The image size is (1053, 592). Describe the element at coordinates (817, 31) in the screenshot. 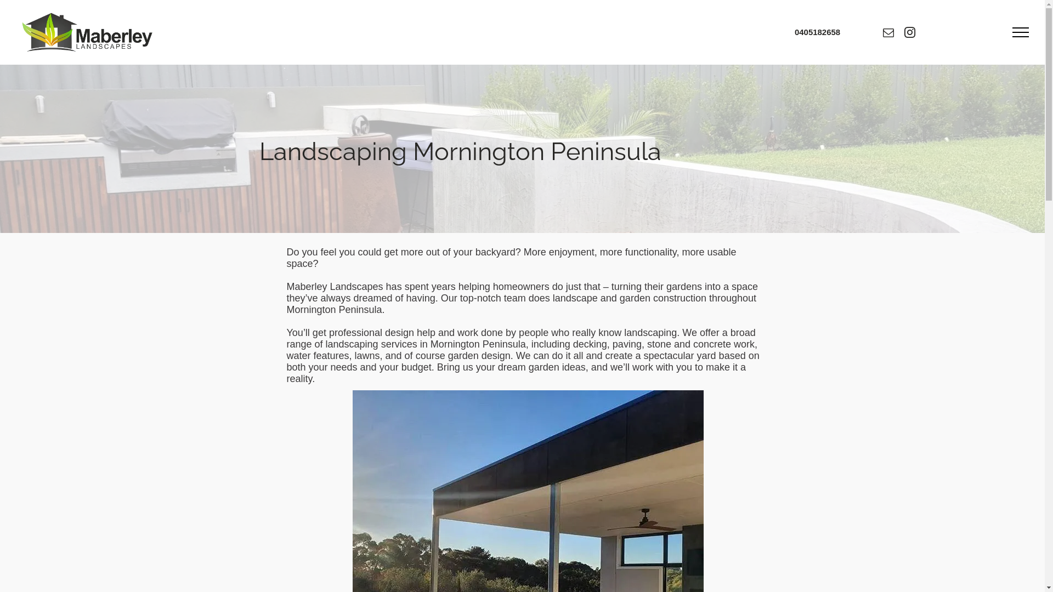

I see `'0405182658'` at that location.